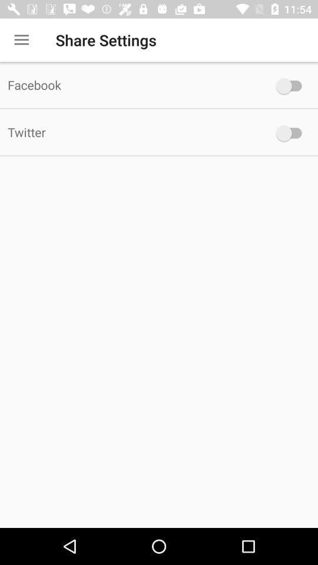 The width and height of the screenshot is (318, 565). I want to click on option to share on twitter, so click(291, 133).